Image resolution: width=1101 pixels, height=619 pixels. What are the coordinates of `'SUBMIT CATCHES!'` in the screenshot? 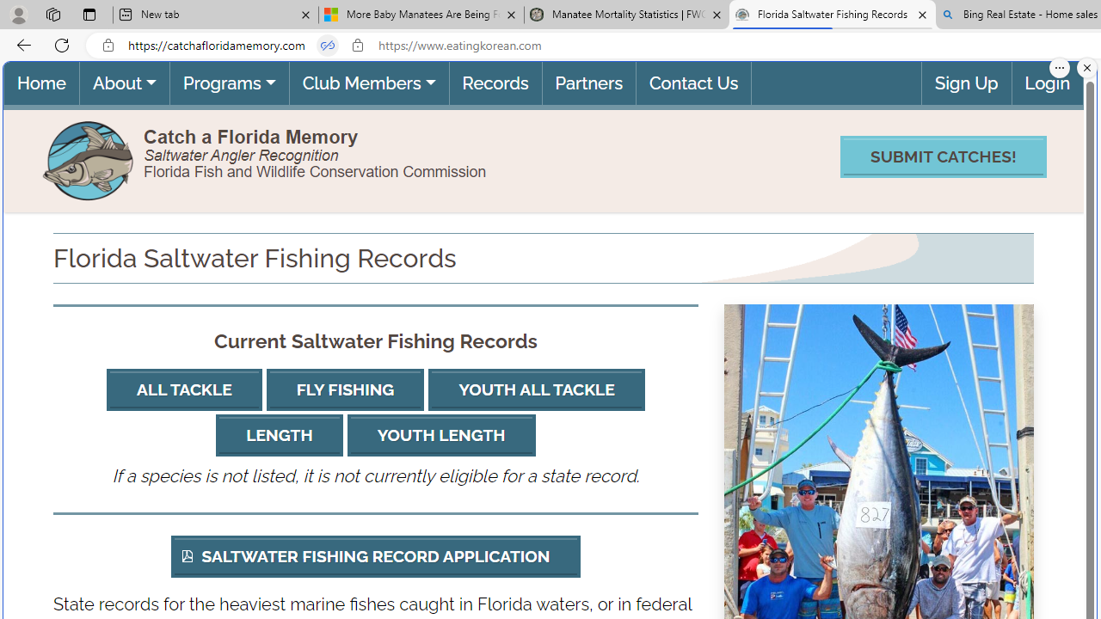 It's located at (942, 156).